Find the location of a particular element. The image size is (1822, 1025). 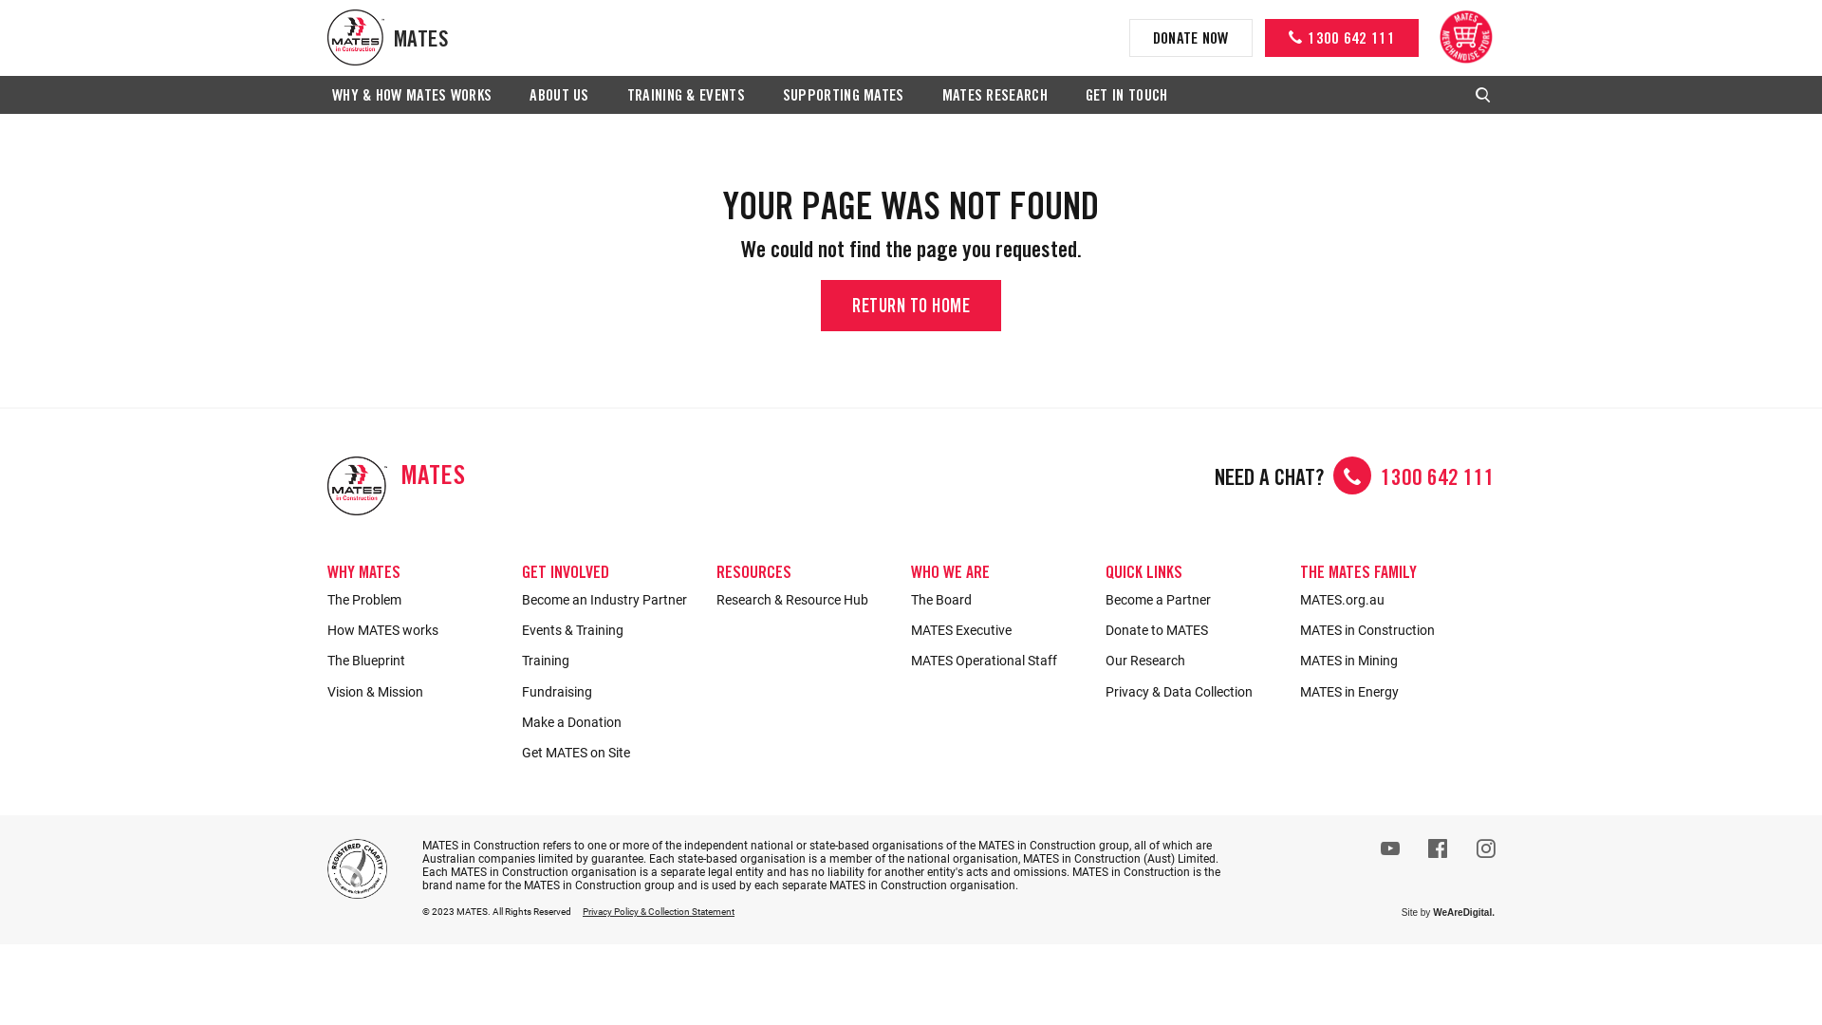

'Donate to MATES' is located at coordinates (1192, 629).